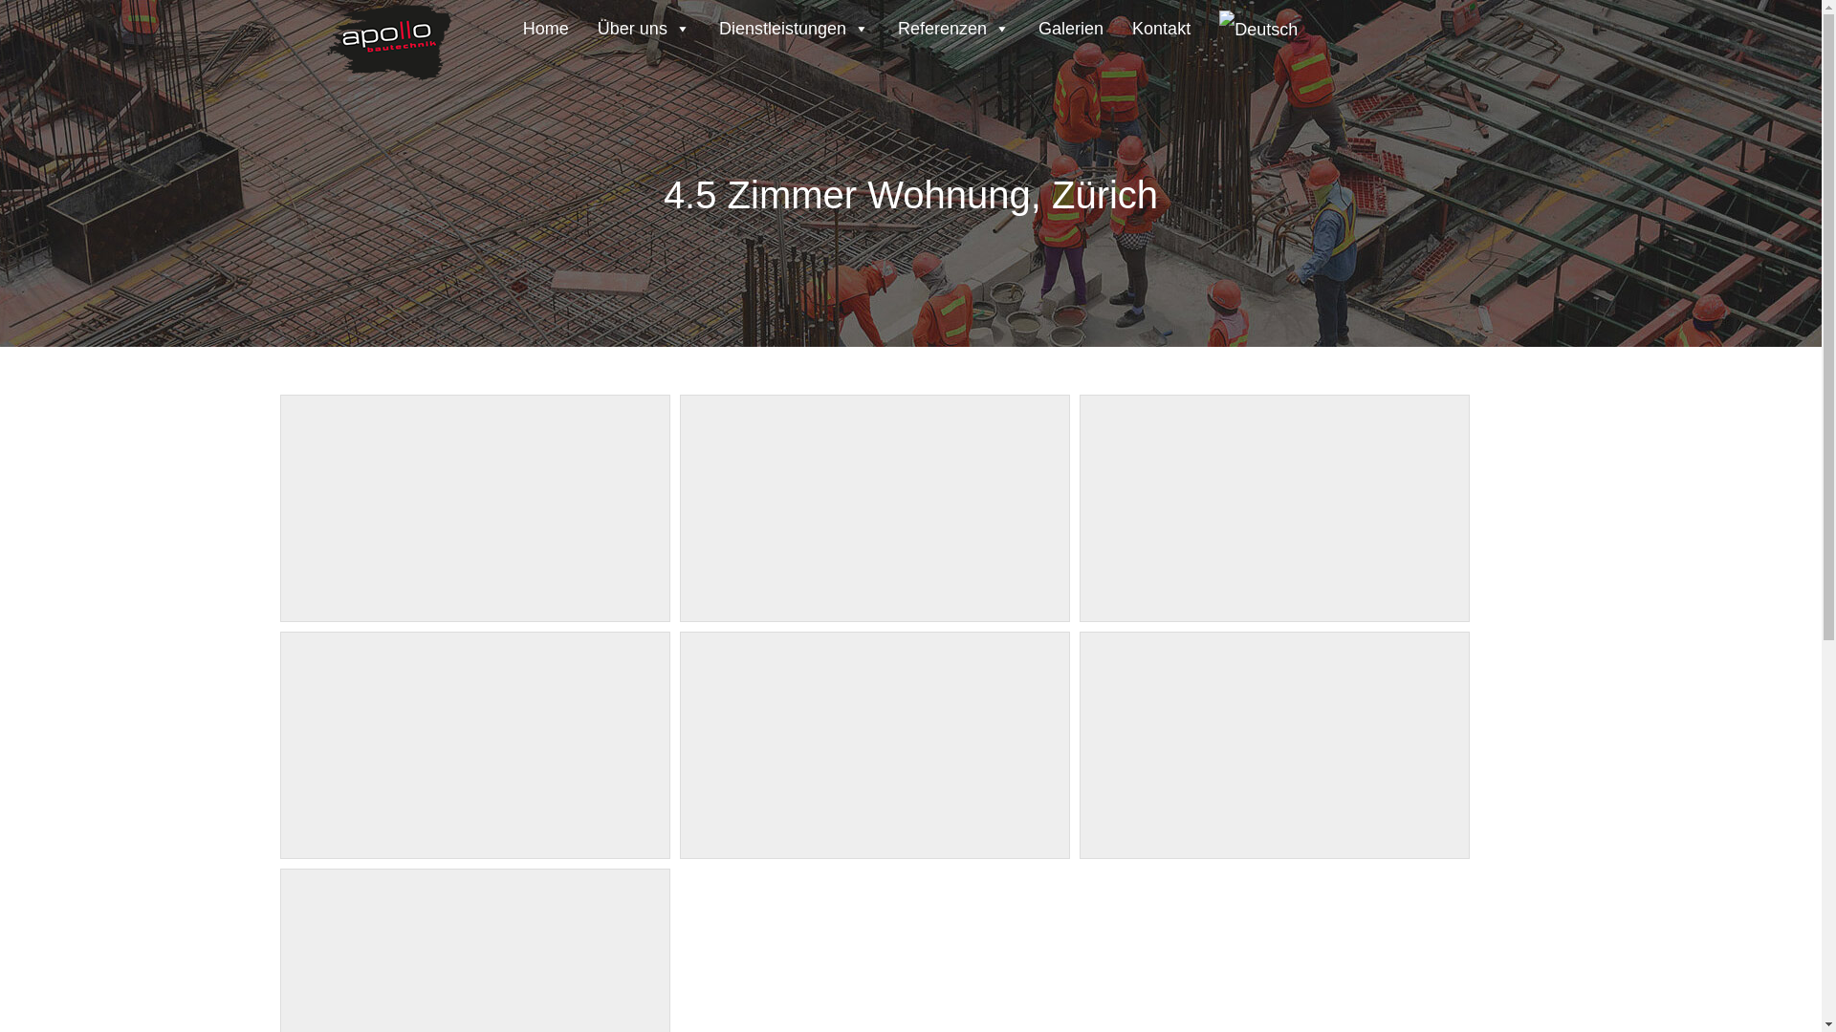 This screenshot has width=1836, height=1032. Describe the element at coordinates (794, 25) in the screenshot. I see `'Dienstleistungen'` at that location.